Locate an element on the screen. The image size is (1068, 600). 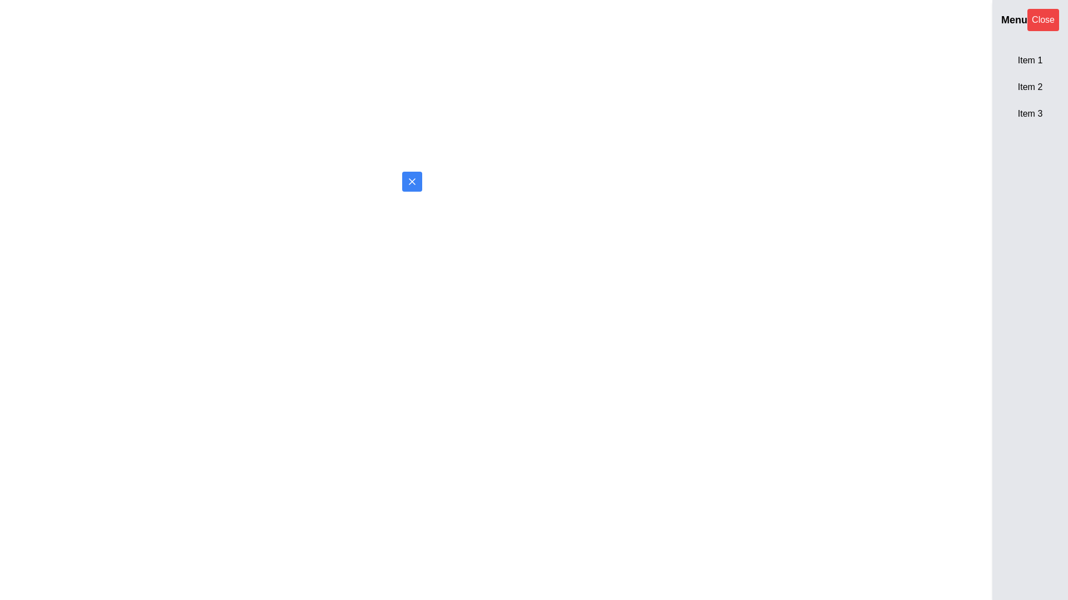
the 'Item 2' text label in the navigation list located on the right side of the interface is located at coordinates (1030, 87).